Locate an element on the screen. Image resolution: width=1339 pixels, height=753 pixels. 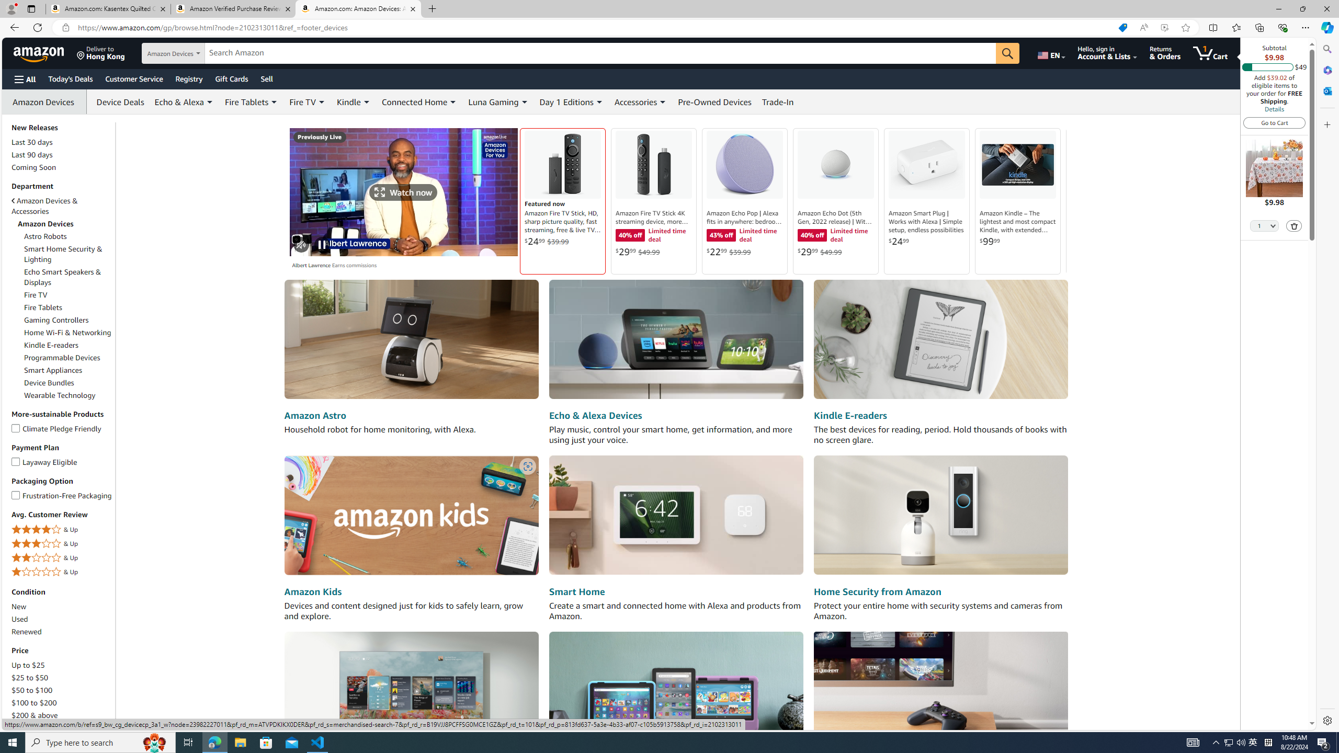
'Used' is located at coordinates (19, 619).